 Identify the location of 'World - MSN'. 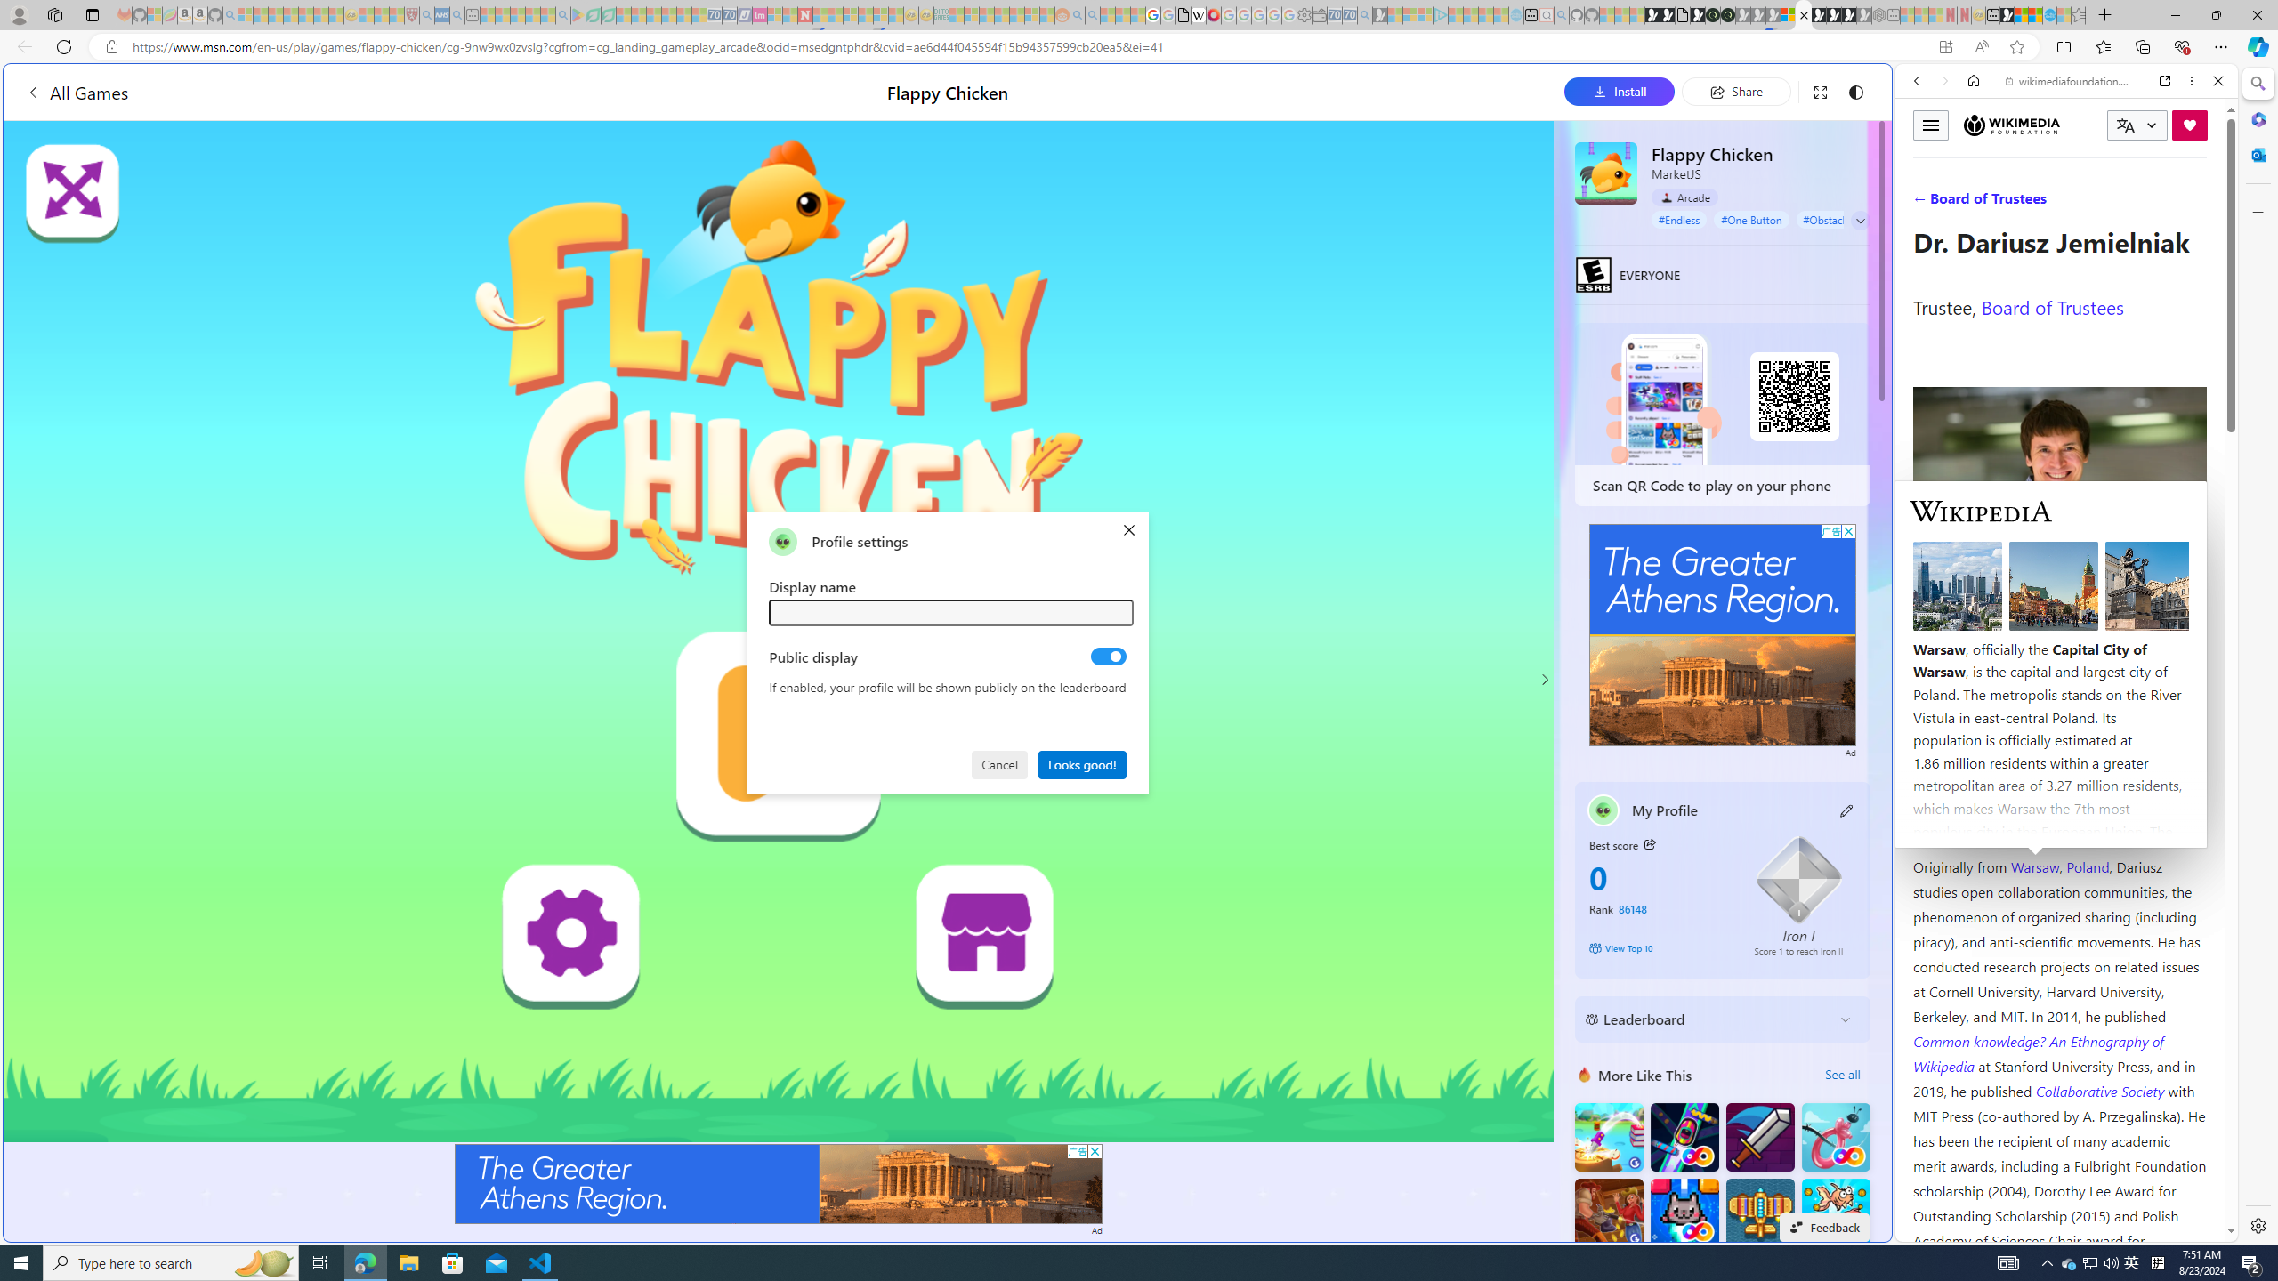
(2021, 14).